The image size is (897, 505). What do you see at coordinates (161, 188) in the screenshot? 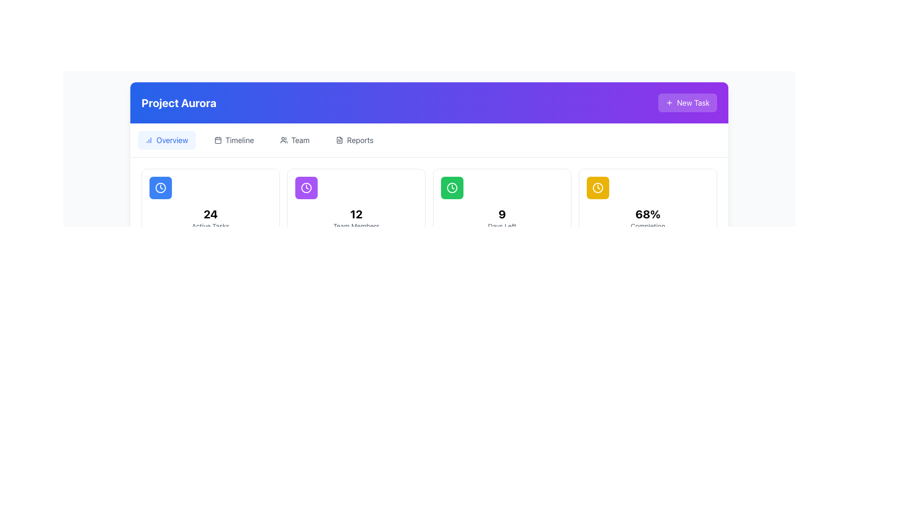
I see `the first icon in a row of metrics, which is visually represented by a blue circular background within a square card` at bounding box center [161, 188].